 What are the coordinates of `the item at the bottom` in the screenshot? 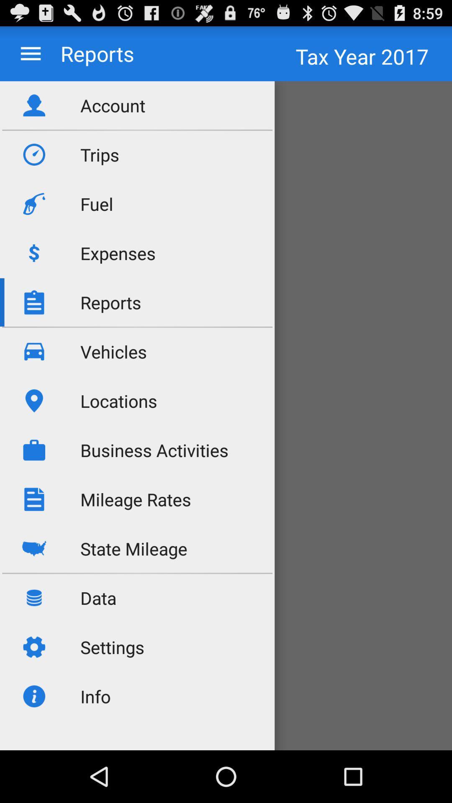 It's located at (226, 704).